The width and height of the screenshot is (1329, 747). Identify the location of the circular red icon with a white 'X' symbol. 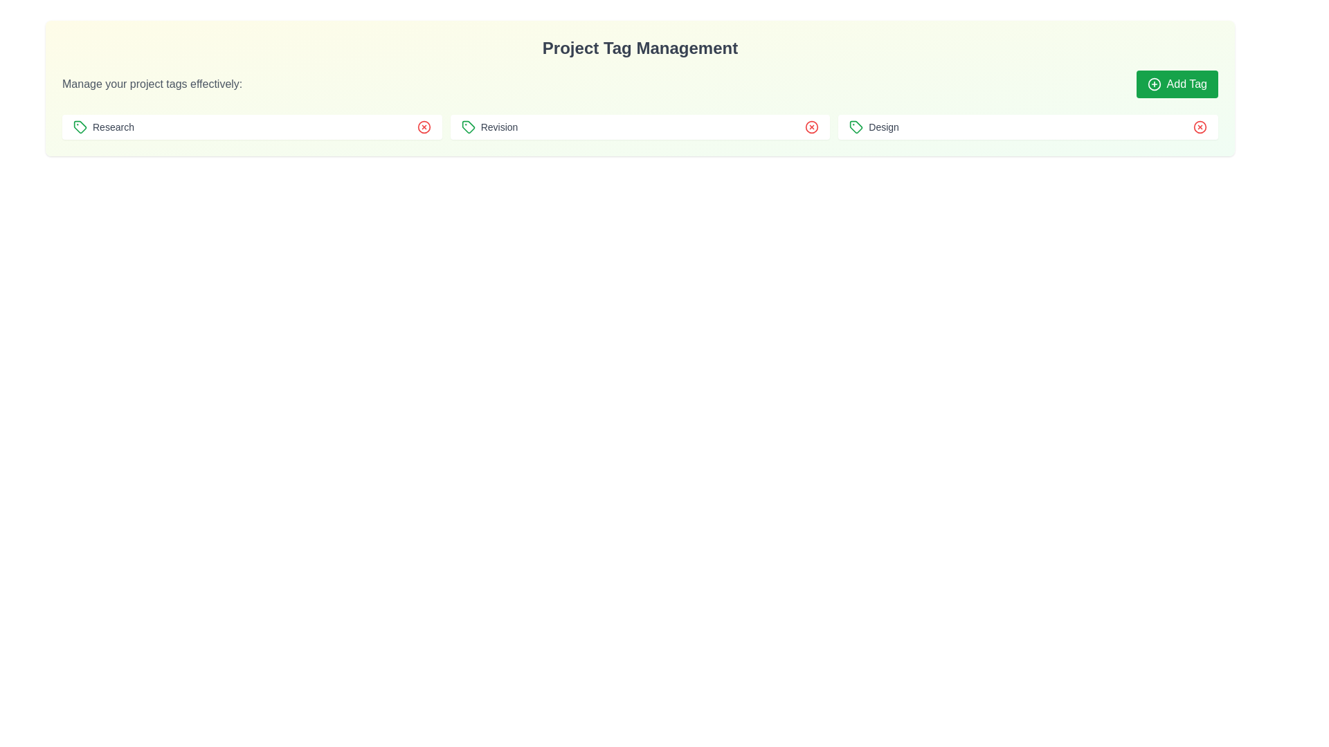
(1199, 127).